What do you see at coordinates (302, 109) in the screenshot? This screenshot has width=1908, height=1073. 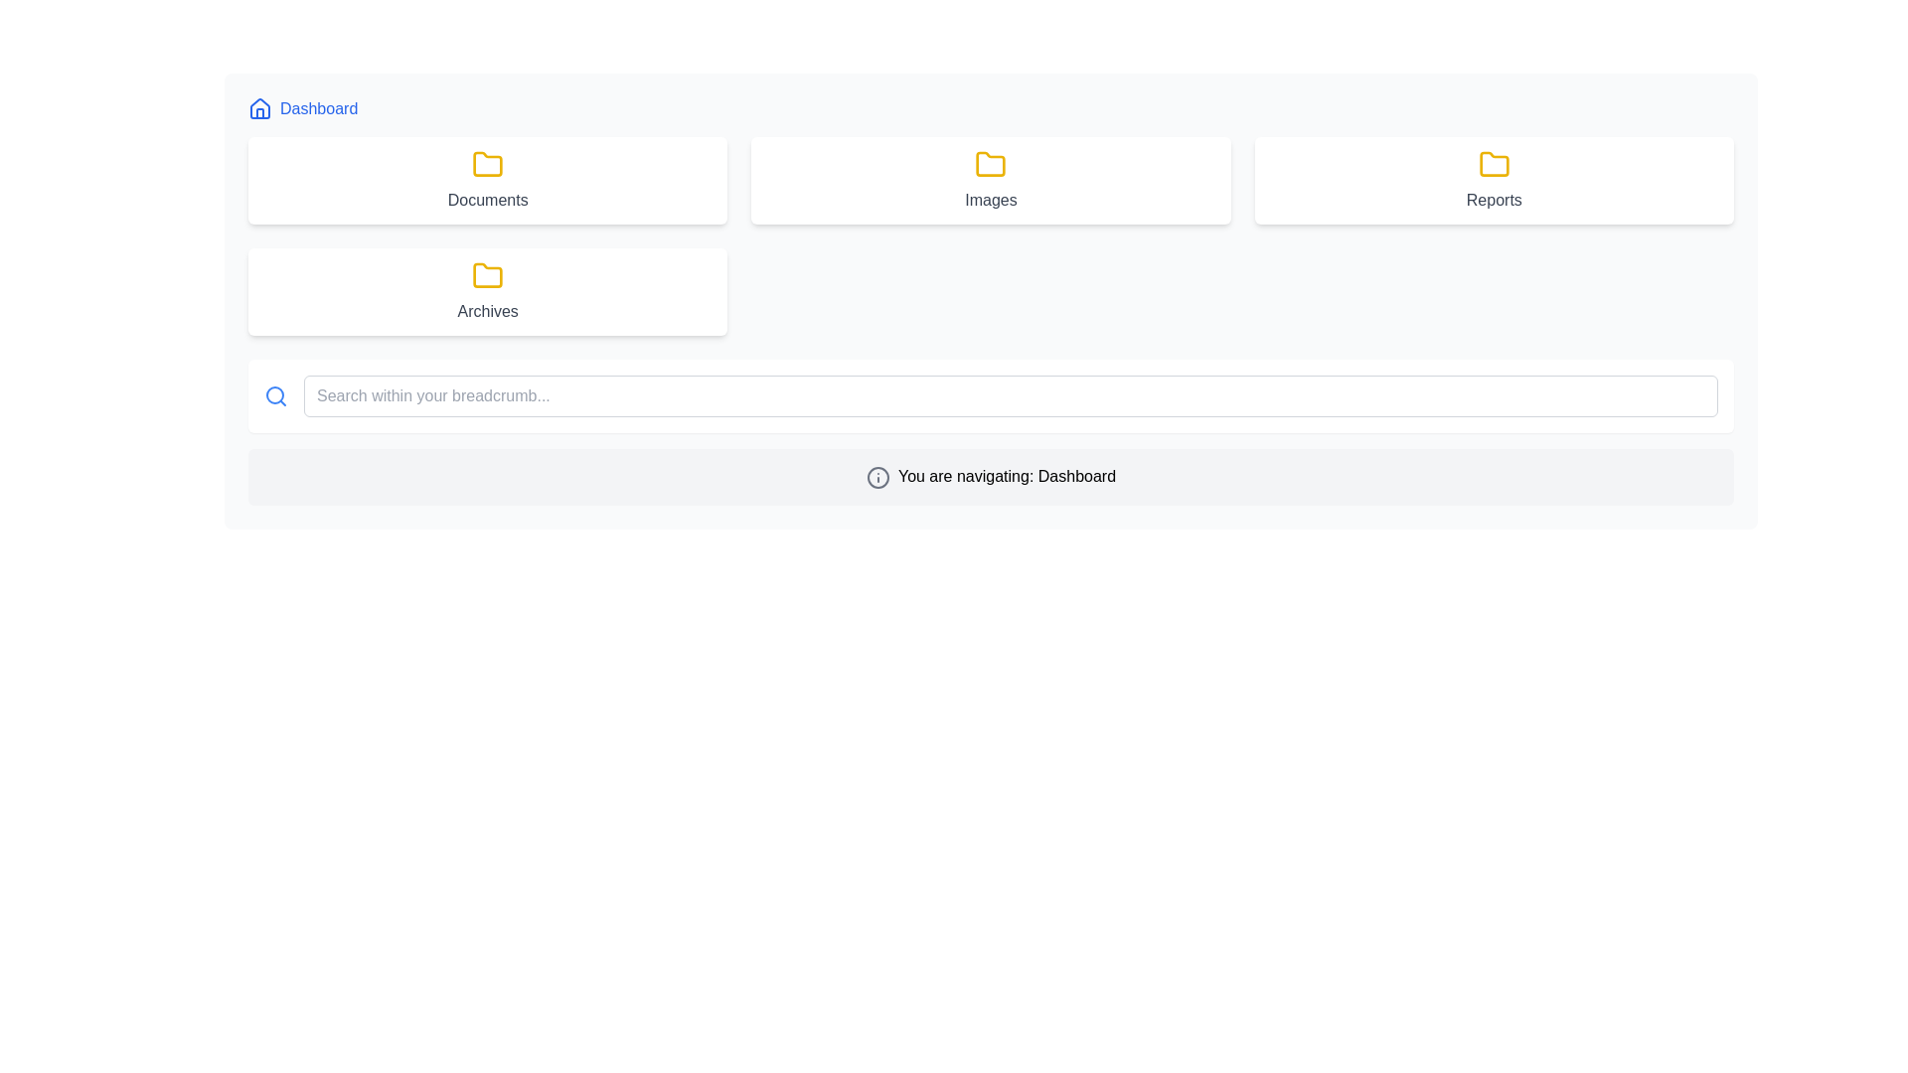 I see `the navigational link located at the top left of the interface` at bounding box center [302, 109].